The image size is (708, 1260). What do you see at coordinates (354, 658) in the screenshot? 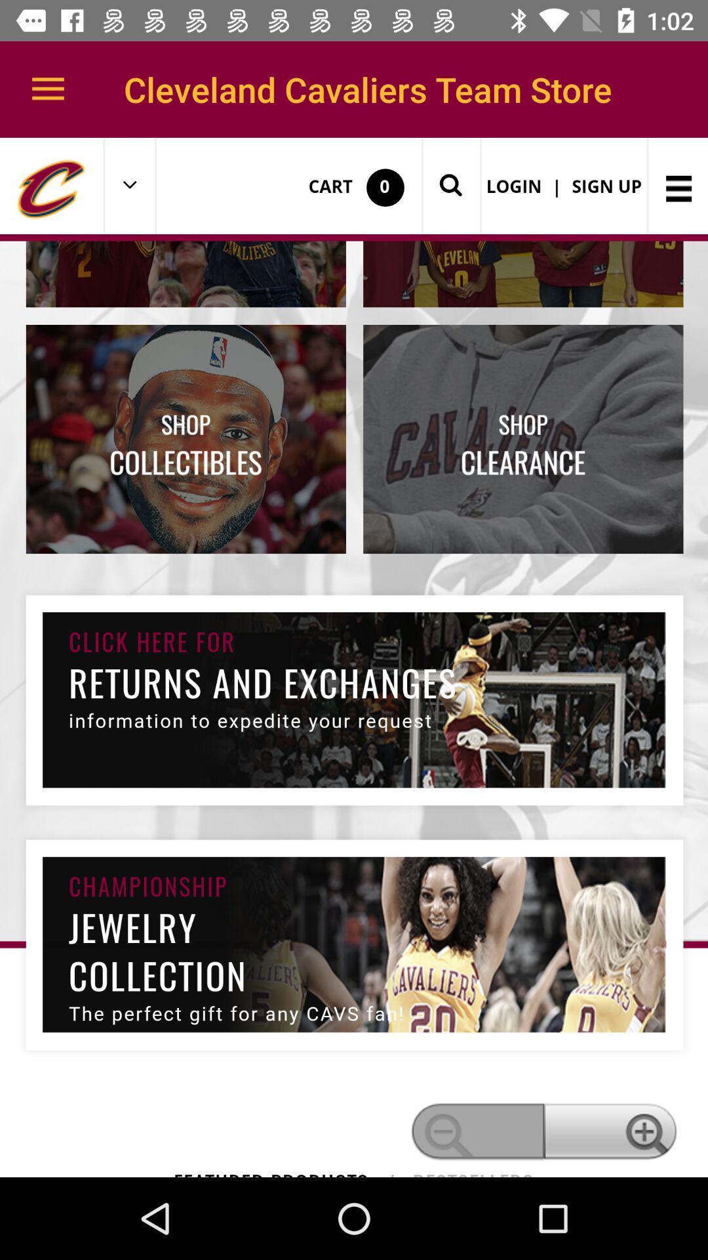
I see `different menu` at bounding box center [354, 658].